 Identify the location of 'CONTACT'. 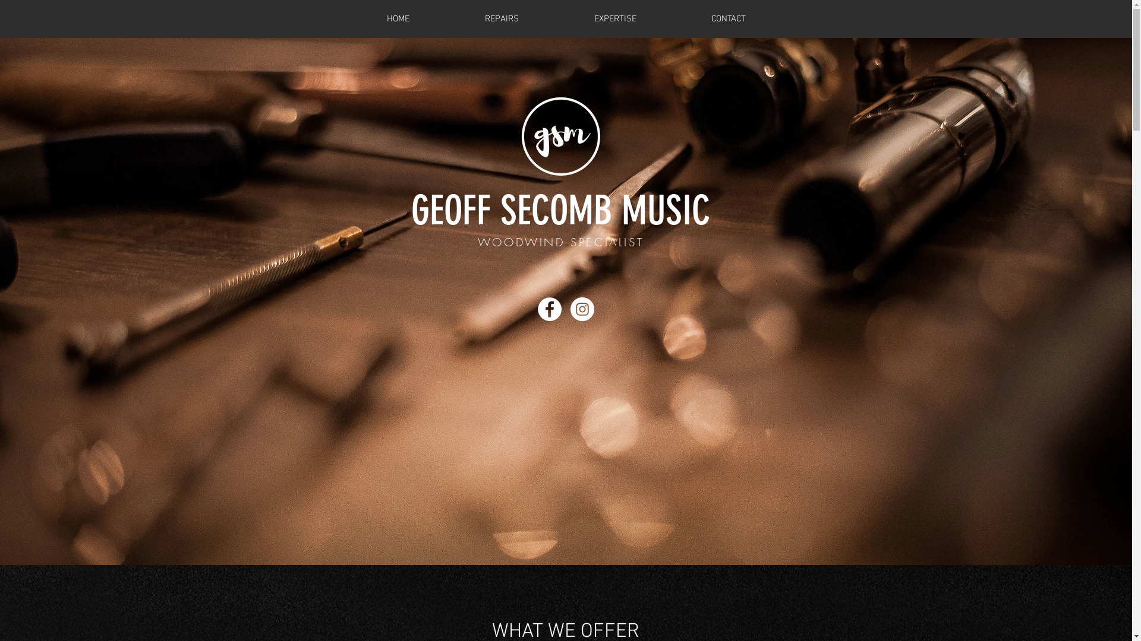
(673, 18).